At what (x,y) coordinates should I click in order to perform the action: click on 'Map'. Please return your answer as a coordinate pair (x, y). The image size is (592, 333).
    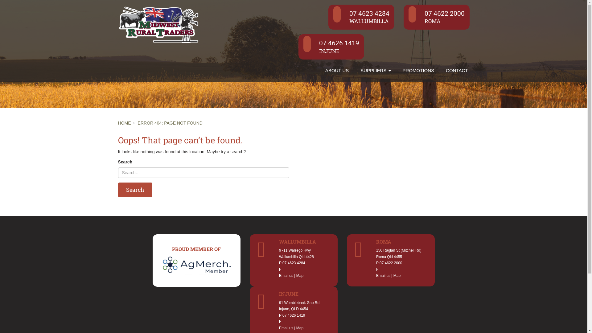
    Looking at the image, I should click on (296, 328).